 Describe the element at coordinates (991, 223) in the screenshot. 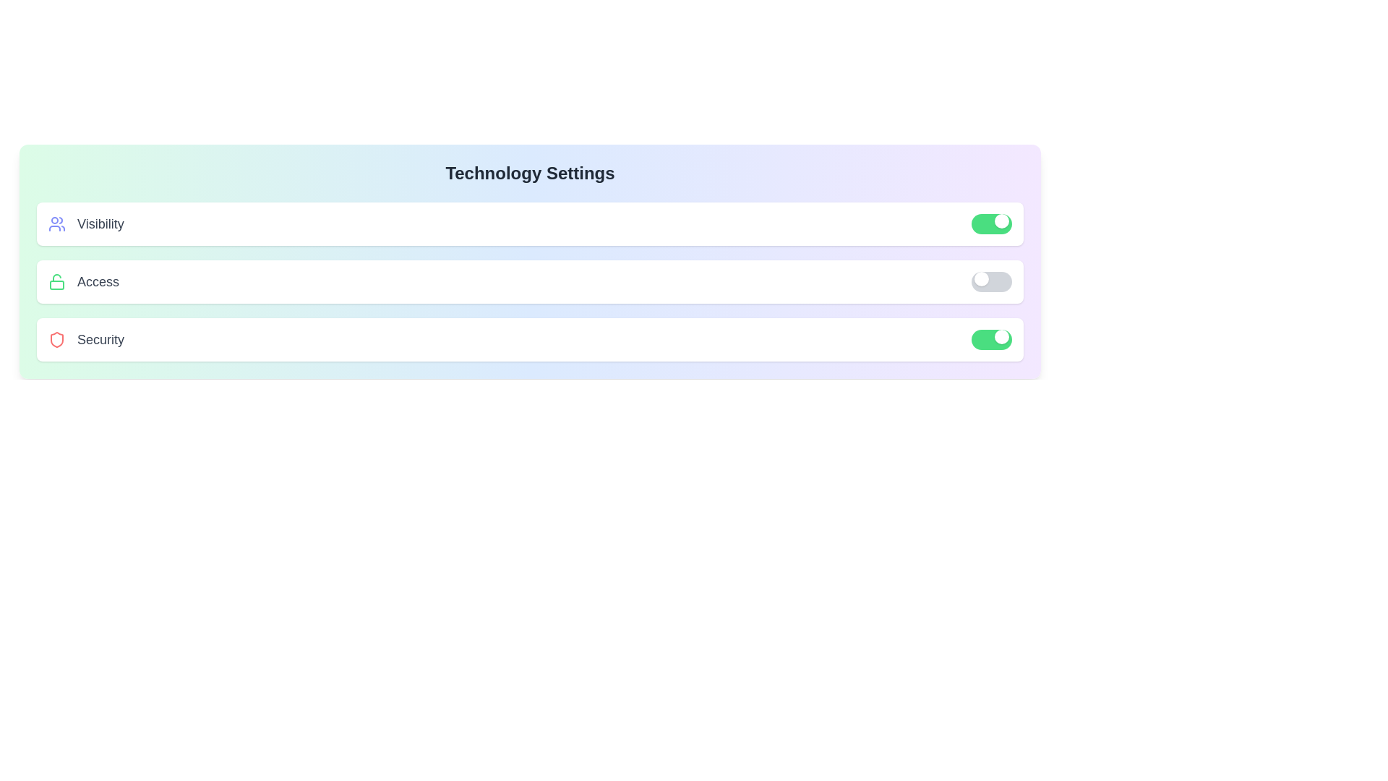

I see `toggle switch for visibility to change its state` at that location.